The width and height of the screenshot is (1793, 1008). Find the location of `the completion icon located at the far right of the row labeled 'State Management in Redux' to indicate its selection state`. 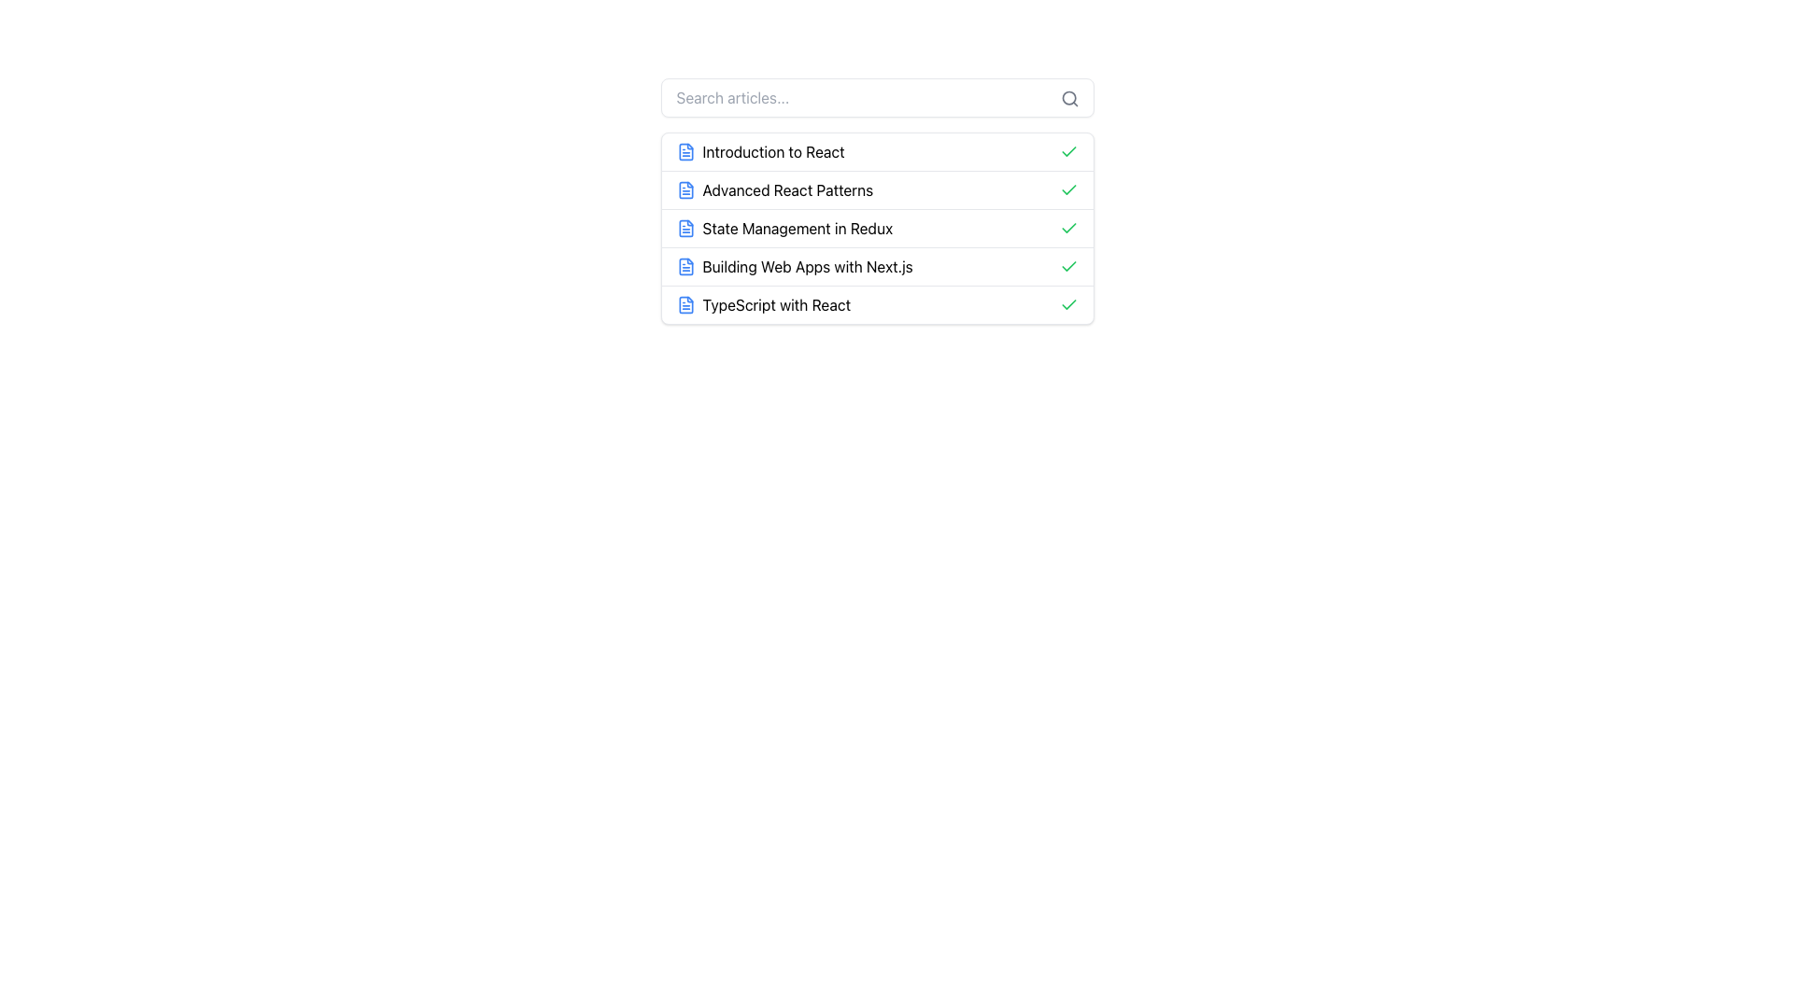

the completion icon located at the far right of the row labeled 'State Management in Redux' to indicate its selection state is located at coordinates (1068, 228).